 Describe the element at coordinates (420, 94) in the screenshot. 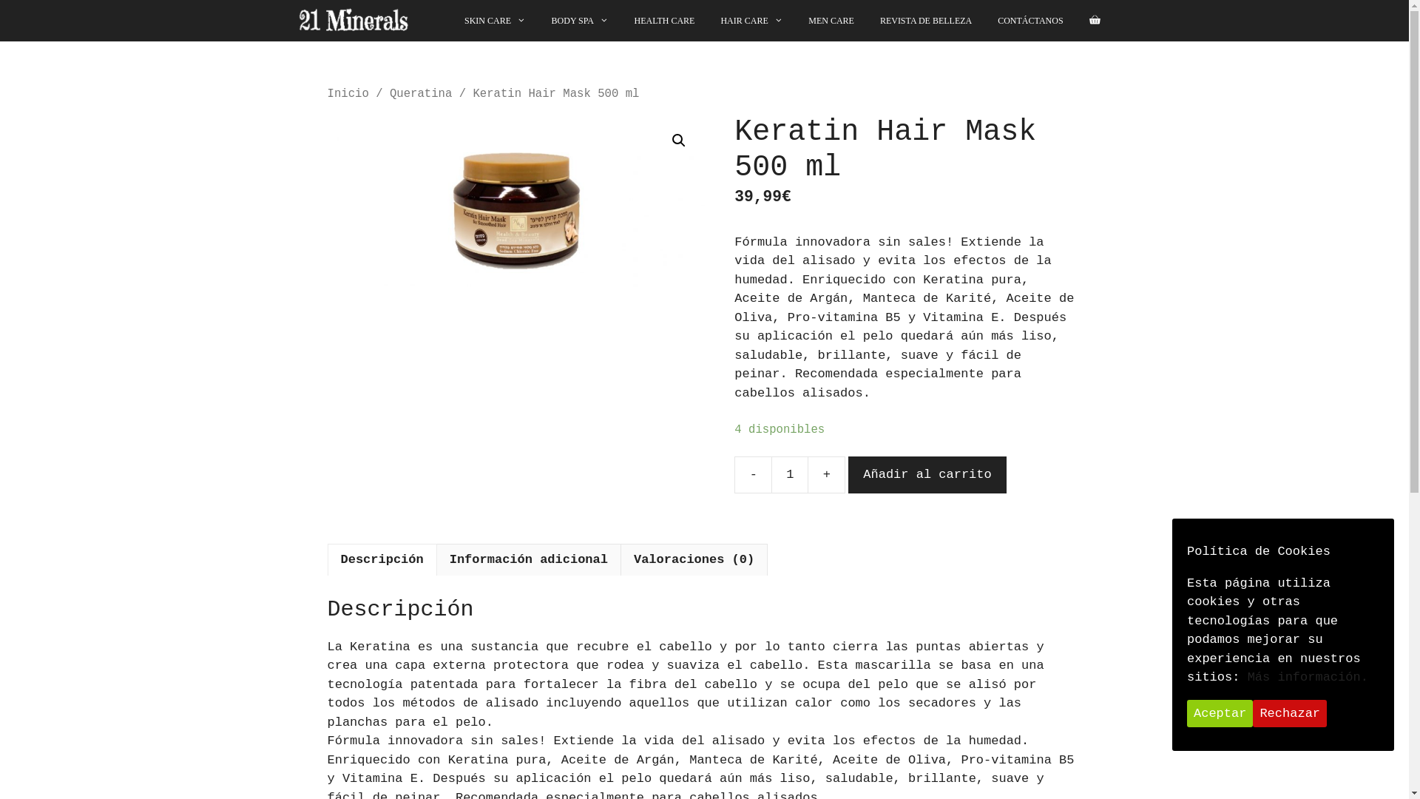

I see `'Queratina'` at that location.